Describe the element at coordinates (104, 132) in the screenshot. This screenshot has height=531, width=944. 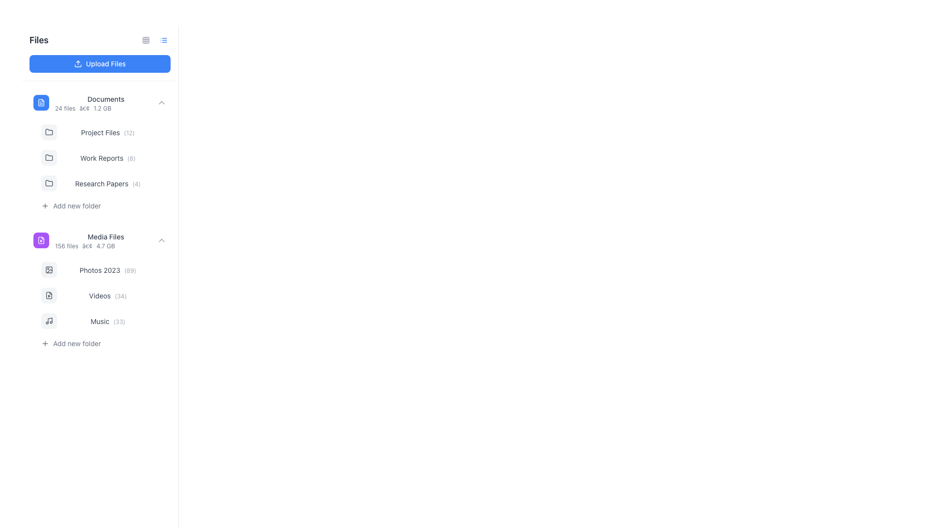
I see `the 'Project Files (12)' folder entry in the side navigation panel` at that location.